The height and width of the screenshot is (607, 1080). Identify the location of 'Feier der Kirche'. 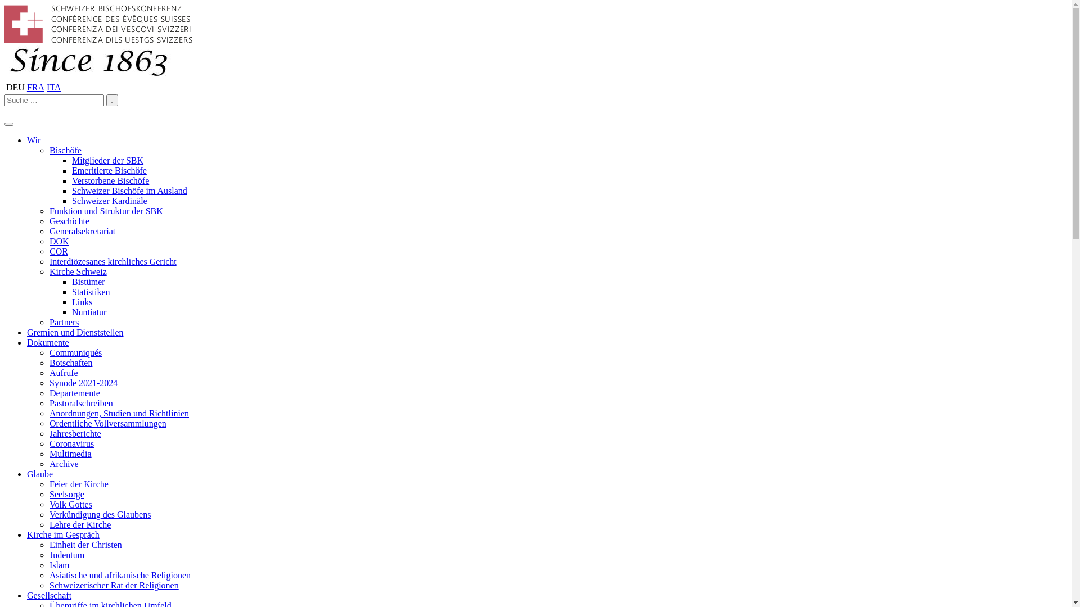
(78, 483).